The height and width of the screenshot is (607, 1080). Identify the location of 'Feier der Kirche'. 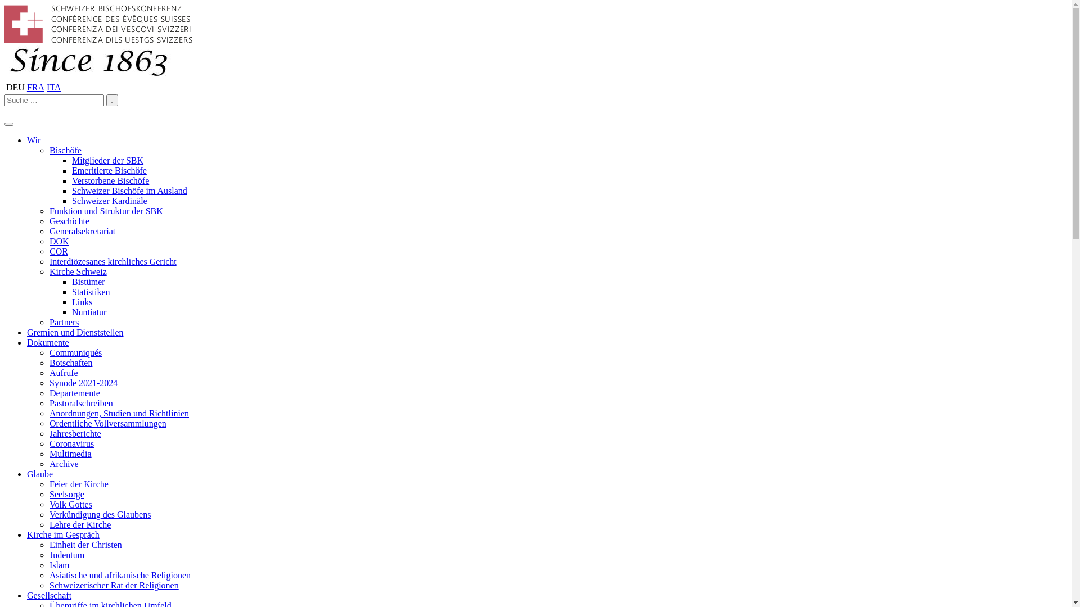
(78, 483).